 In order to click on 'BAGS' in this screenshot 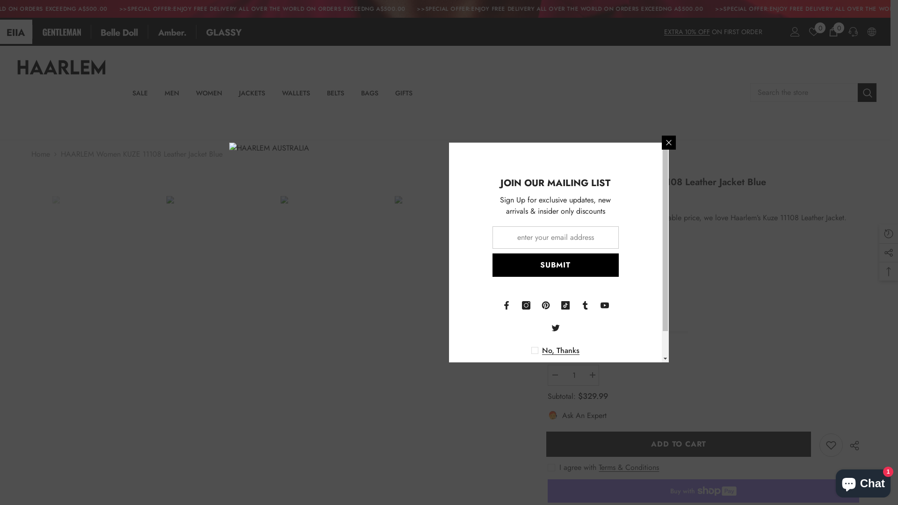, I will do `click(369, 97)`.